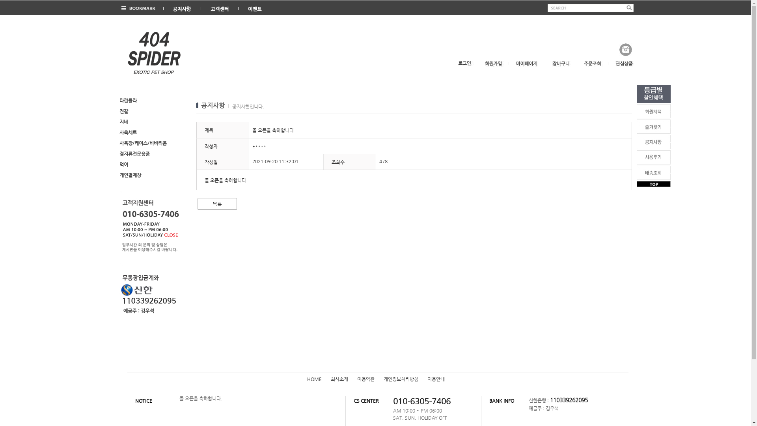 The width and height of the screenshot is (757, 426). I want to click on 'HOME', so click(306, 378).